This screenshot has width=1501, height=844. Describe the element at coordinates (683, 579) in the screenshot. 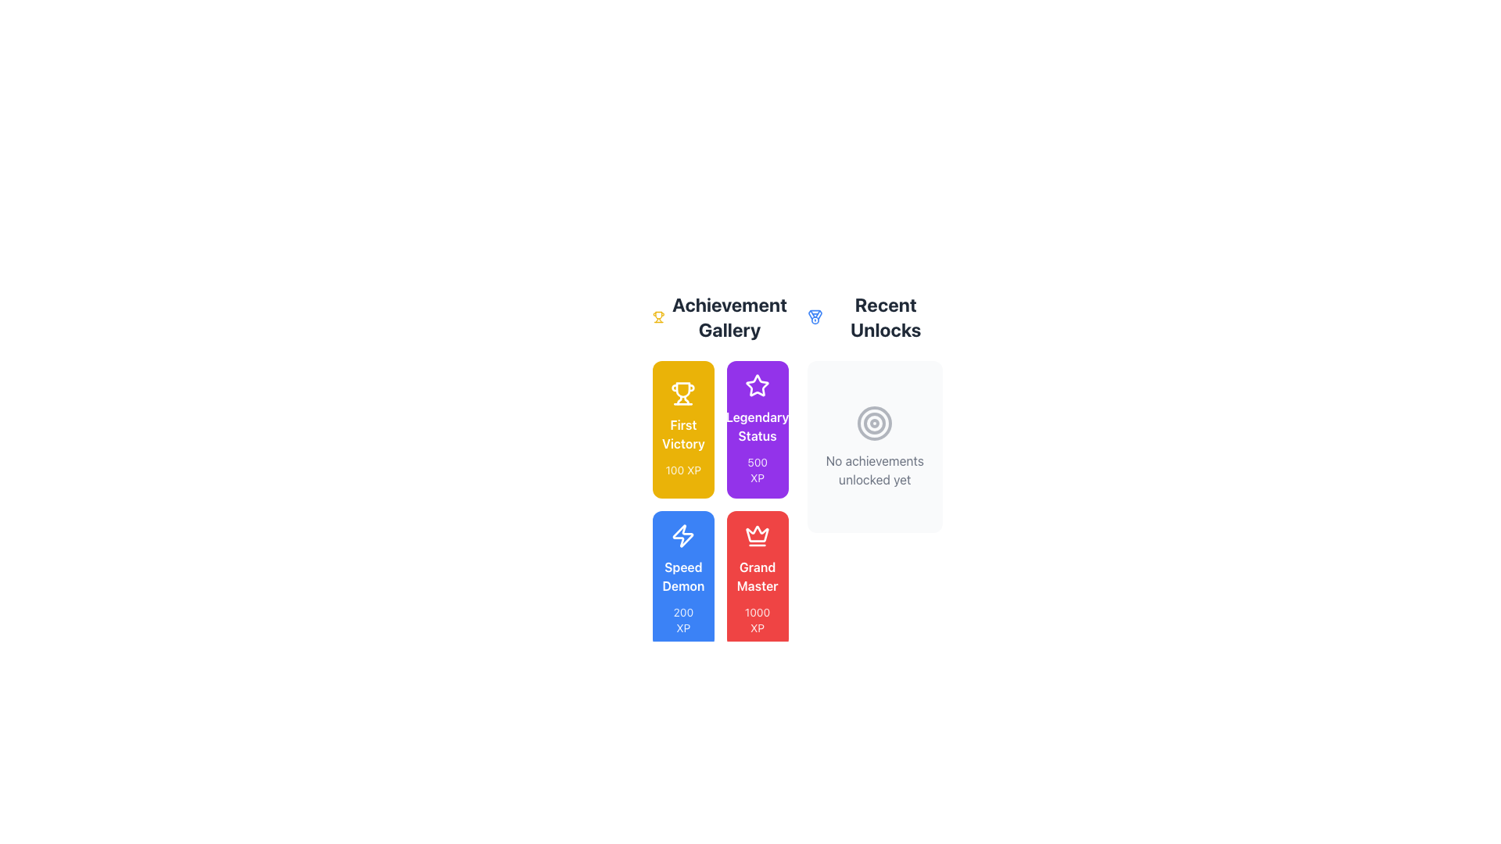

I see `the interactive button representing the 'Speed Demon' achievement associated with 200 experience points to interact with it` at that location.